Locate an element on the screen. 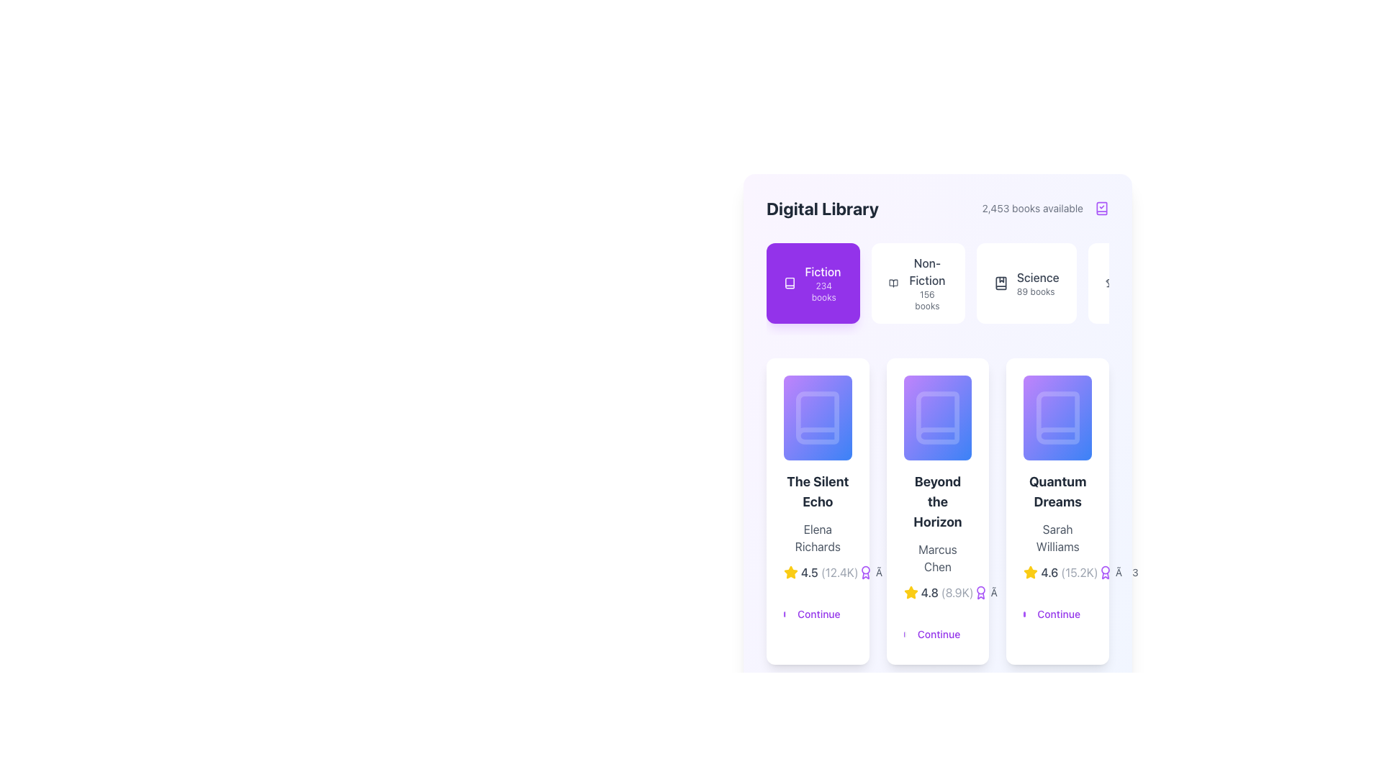 The height and width of the screenshot is (777, 1382). the text label that provides additional metadata about the book, located as the last item in the group of details is located at coordinates (992, 593).